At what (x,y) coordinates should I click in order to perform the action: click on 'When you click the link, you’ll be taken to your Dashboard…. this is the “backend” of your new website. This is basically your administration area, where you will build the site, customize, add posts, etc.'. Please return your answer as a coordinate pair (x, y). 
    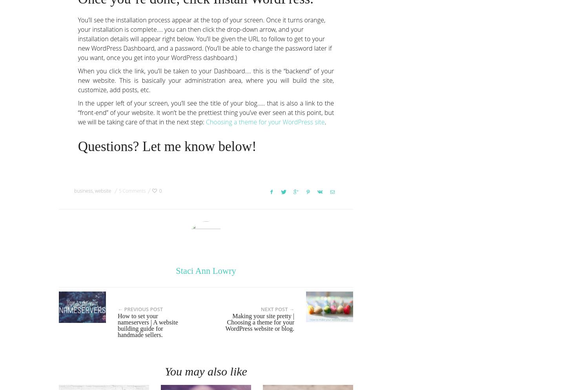
    Looking at the image, I should click on (205, 79).